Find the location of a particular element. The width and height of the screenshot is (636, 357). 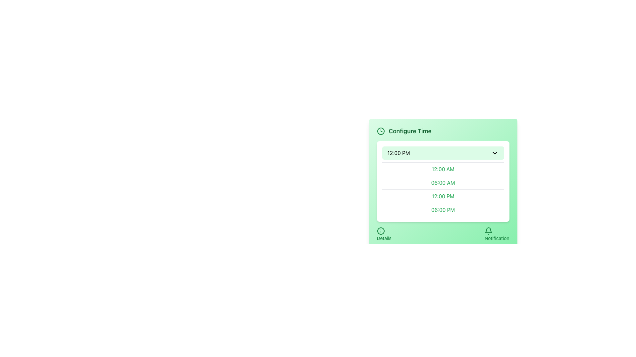

the SVG Circle element located at the center of the circular icon with internal markings, situated near the 'Details' label is located at coordinates (381, 230).